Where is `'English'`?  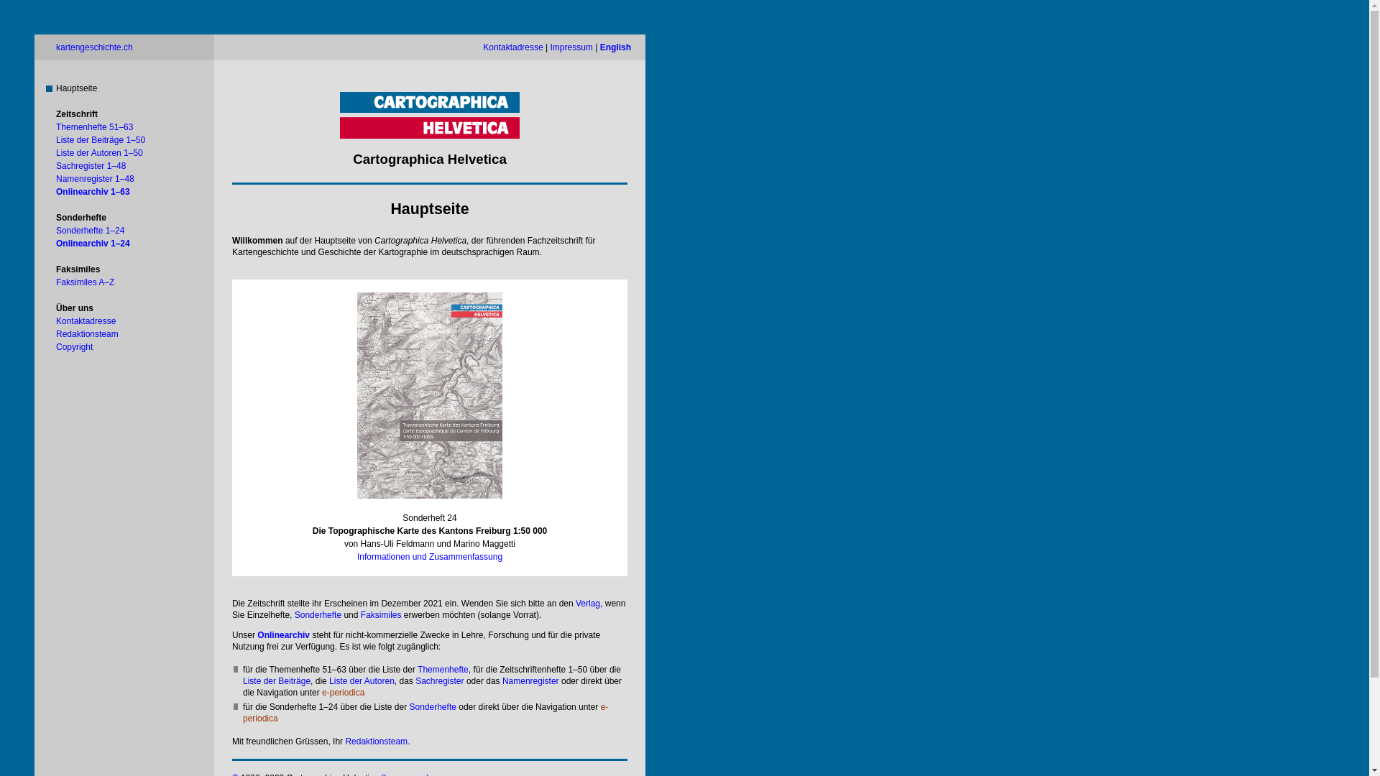 'English' is located at coordinates (600, 46).